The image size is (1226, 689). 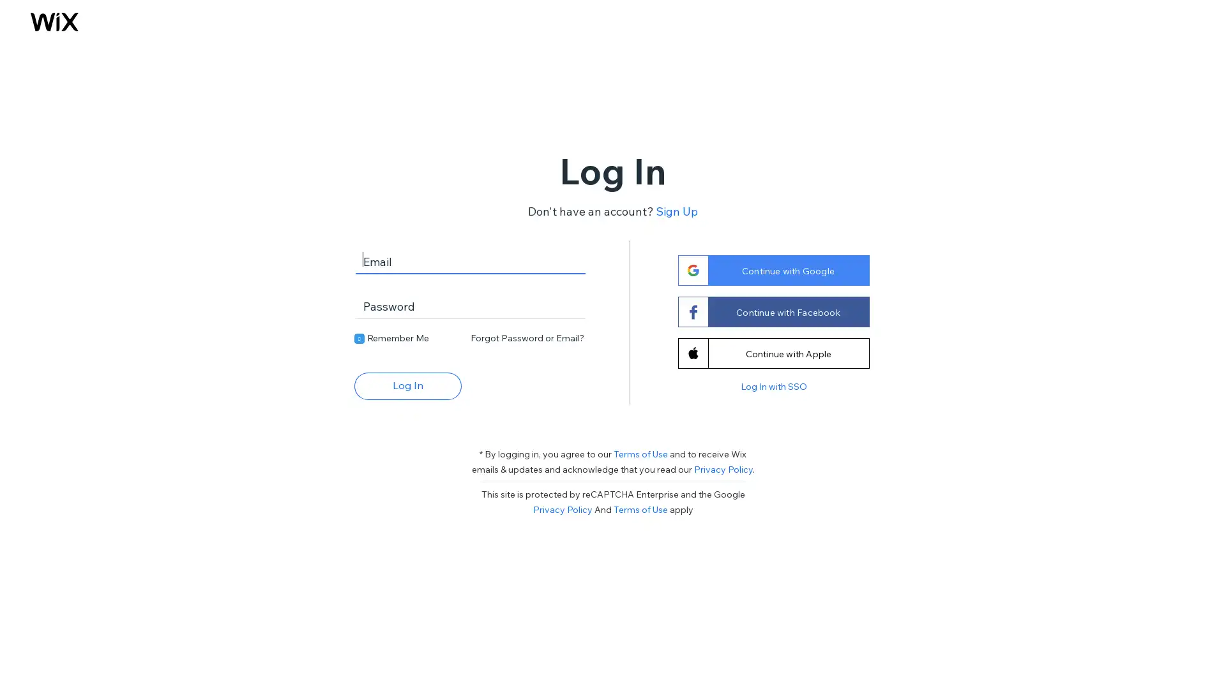 I want to click on Continue with Apple, so click(x=772, y=352).